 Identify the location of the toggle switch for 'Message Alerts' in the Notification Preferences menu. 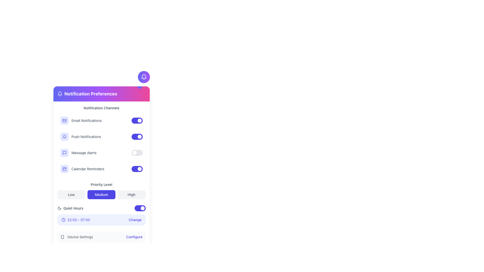
(137, 152).